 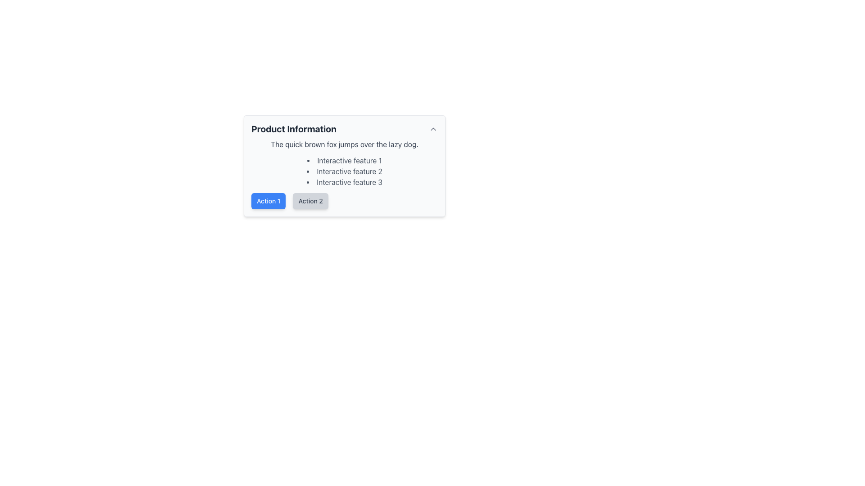 I want to click on the bold text label reading 'Product Information' located at the top left of the content card, so click(x=294, y=129).